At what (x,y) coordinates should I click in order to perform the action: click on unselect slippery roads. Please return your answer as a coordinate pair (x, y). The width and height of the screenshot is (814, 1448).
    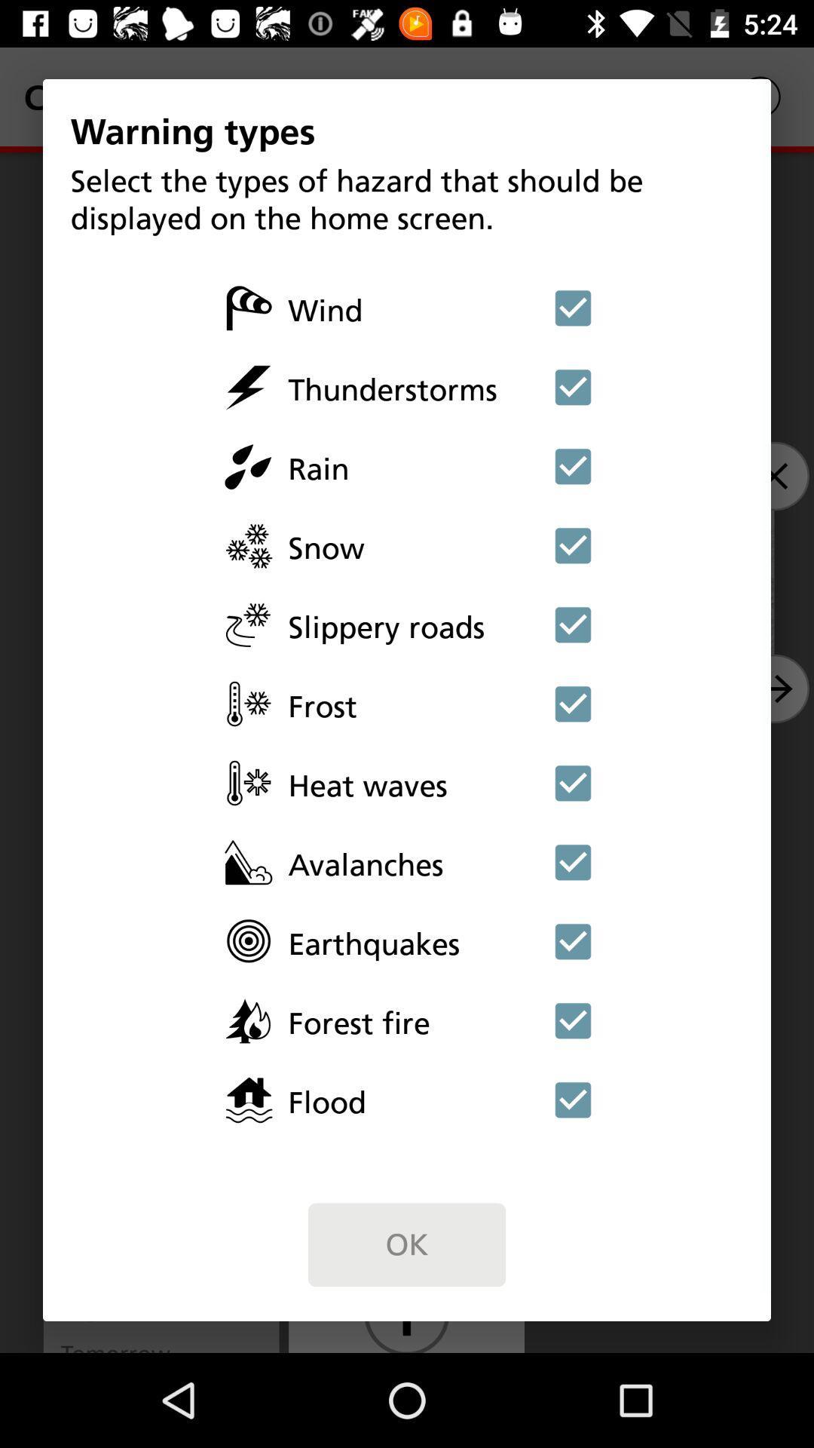
    Looking at the image, I should click on (573, 624).